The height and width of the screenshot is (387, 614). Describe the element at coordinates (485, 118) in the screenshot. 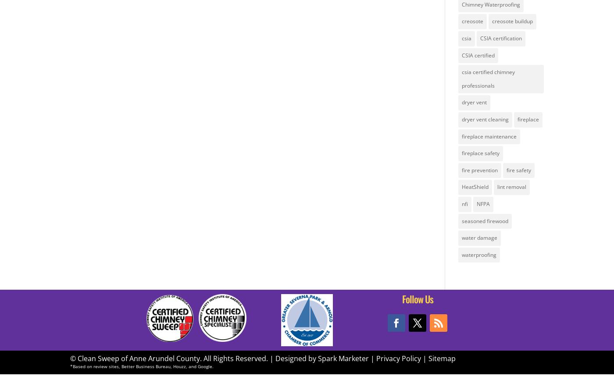

I see `'dryer vent cleaning'` at that location.